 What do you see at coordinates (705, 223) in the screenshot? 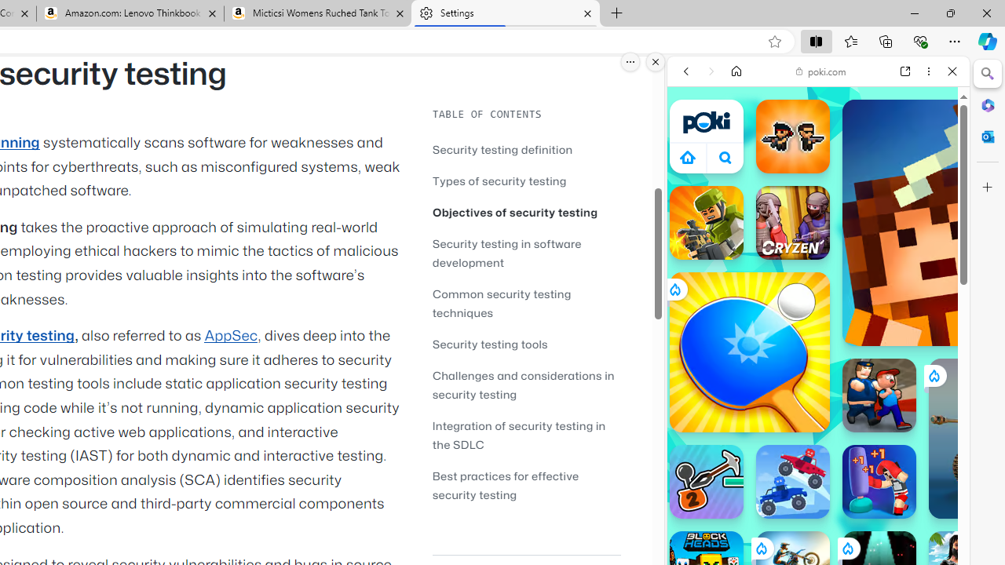
I see `'Kour.io'` at bounding box center [705, 223].